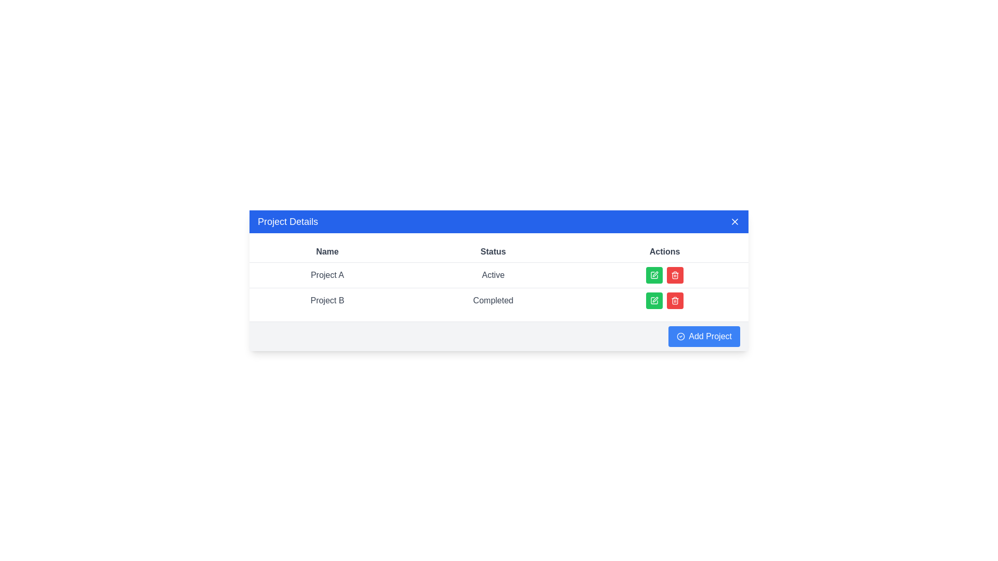 This screenshot has height=561, width=998. What do you see at coordinates (326, 251) in the screenshot?
I see `the 'Name' text label, which is the first column header in the table below the blue banner 'Project Details'` at bounding box center [326, 251].